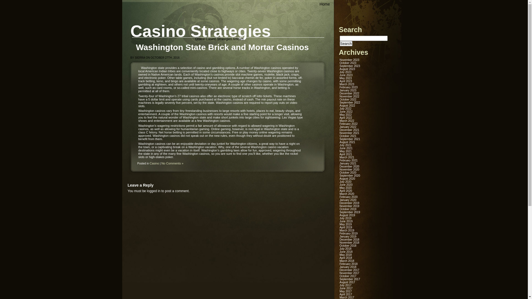  What do you see at coordinates (345, 218) in the screenshot?
I see `'July 2019'` at bounding box center [345, 218].